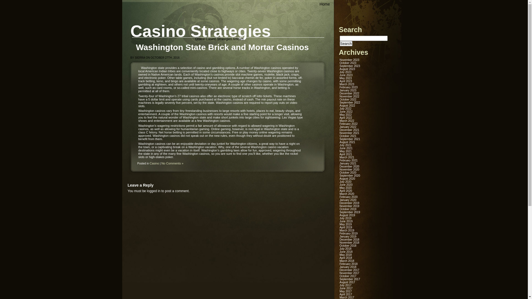  What do you see at coordinates (345, 218) in the screenshot?
I see `'July 2019'` at bounding box center [345, 218].